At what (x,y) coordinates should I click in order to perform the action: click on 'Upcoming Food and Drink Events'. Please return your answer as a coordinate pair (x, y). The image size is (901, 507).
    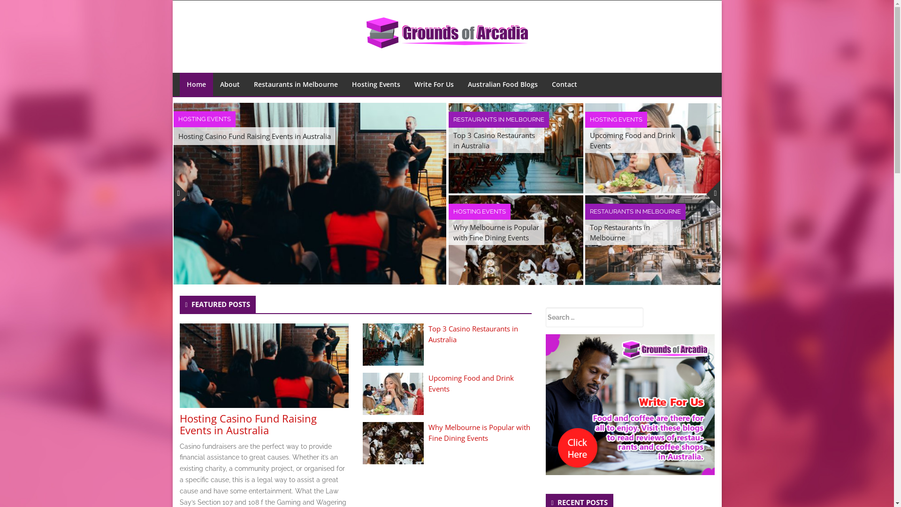
    Looking at the image, I should click on (652, 148).